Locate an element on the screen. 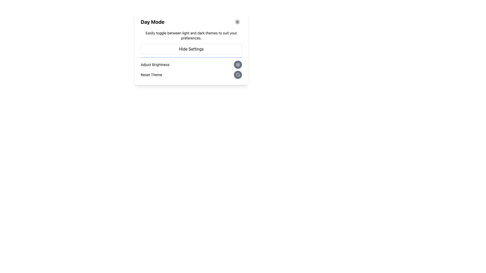  the theme mode toggle icon located in the top-right corner of the settings card to switch between day mode and night mode is located at coordinates (237, 22).